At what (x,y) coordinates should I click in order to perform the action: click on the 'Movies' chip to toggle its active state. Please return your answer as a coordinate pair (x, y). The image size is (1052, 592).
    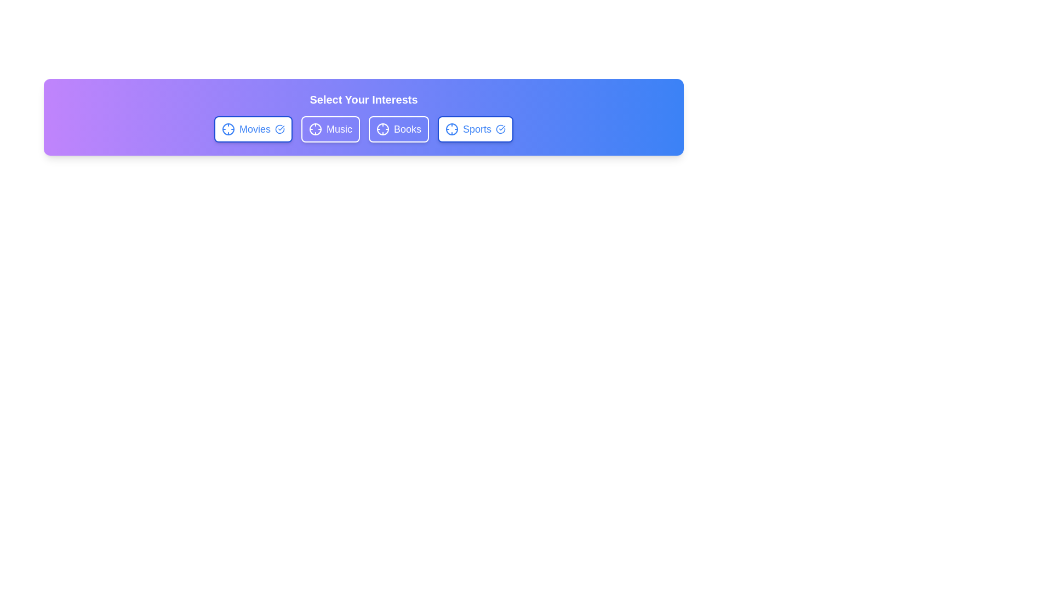
    Looking at the image, I should click on (252, 128).